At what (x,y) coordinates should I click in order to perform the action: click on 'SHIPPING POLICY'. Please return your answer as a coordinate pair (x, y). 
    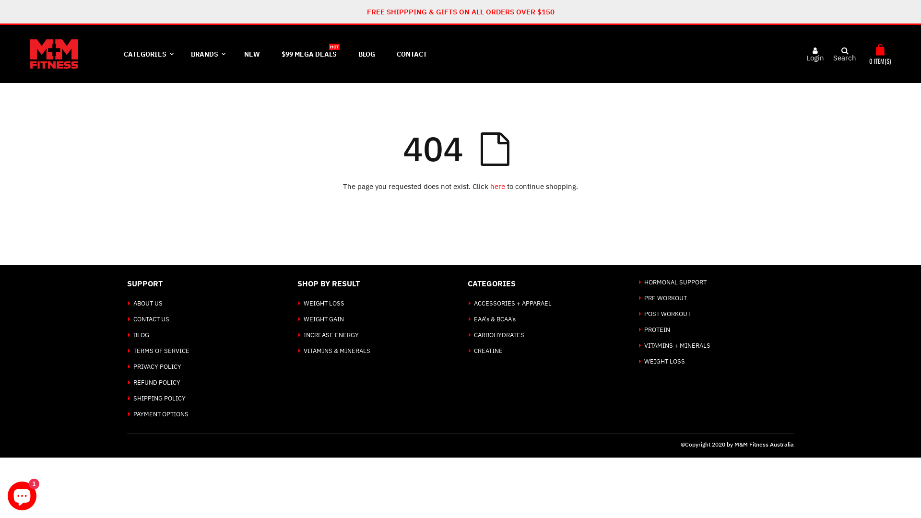
    Looking at the image, I should click on (159, 398).